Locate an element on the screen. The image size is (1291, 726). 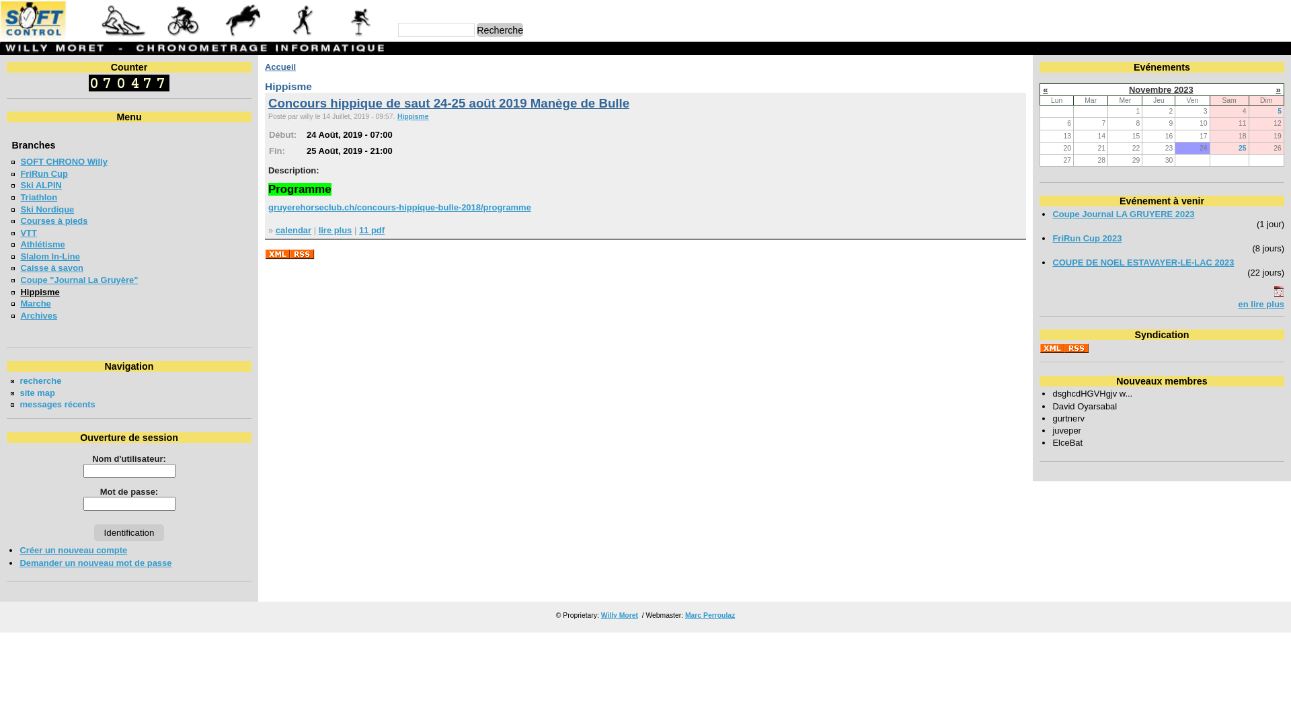
'Marche' is located at coordinates (35, 303).